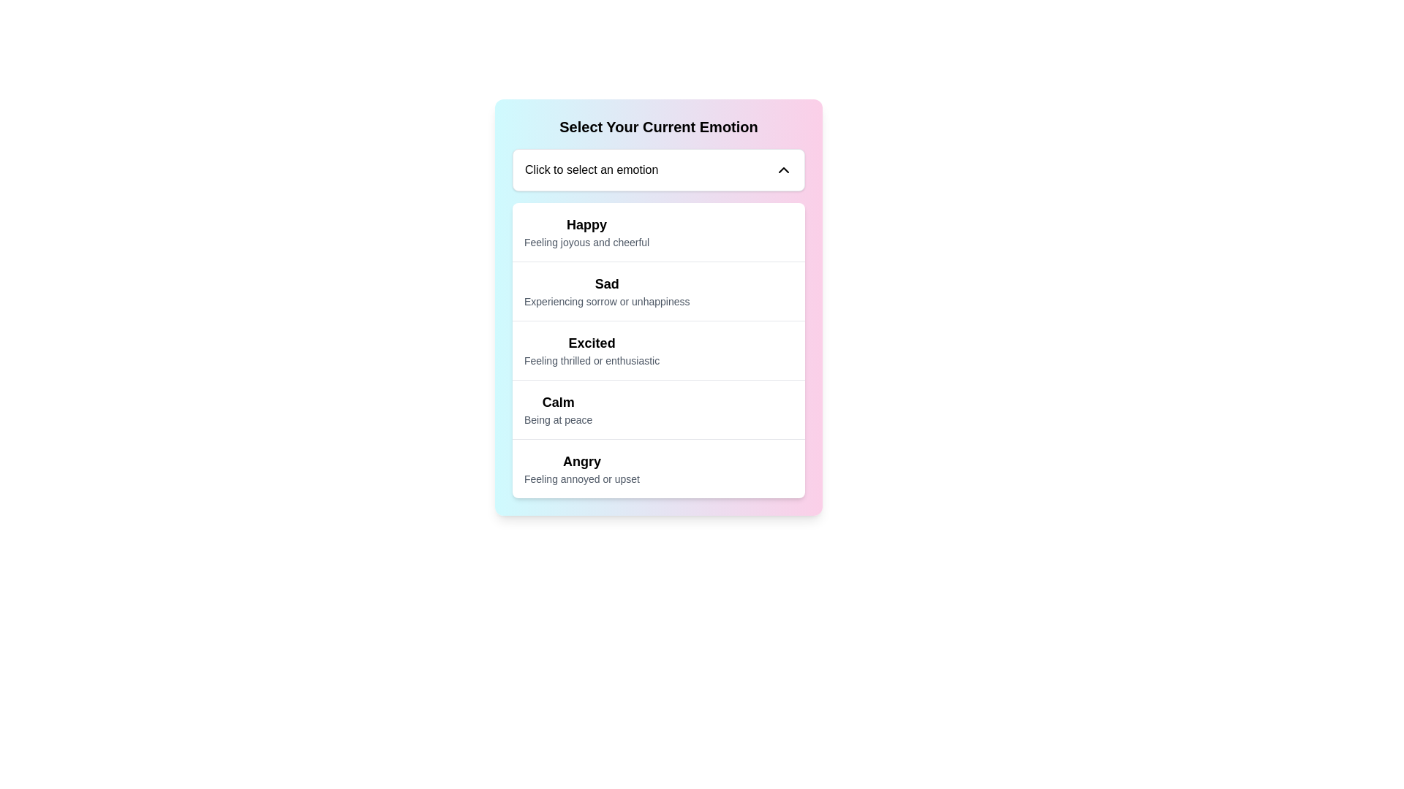 This screenshot has width=1404, height=789. Describe the element at coordinates (592, 169) in the screenshot. I see `the static text label that prompts the user to select an emotion from a dropdown menu, located at the center-left of its rectangular area with a chevron icon to its right` at that location.